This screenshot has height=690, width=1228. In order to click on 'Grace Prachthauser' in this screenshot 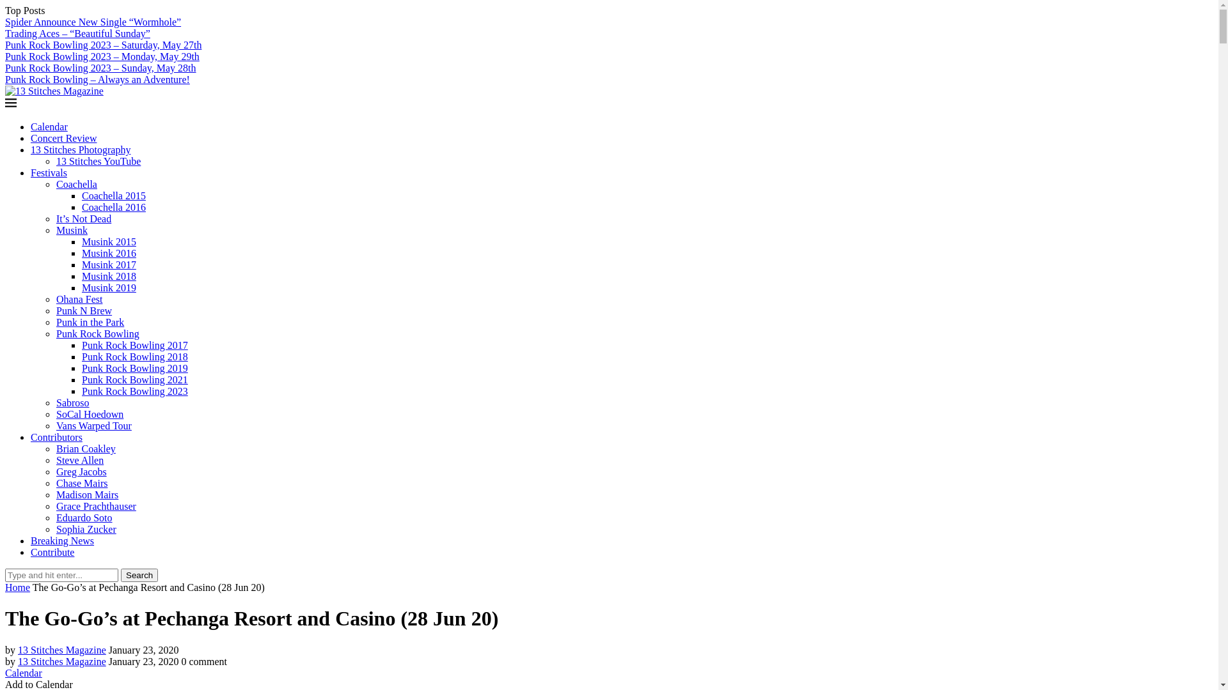, I will do `click(55, 505)`.